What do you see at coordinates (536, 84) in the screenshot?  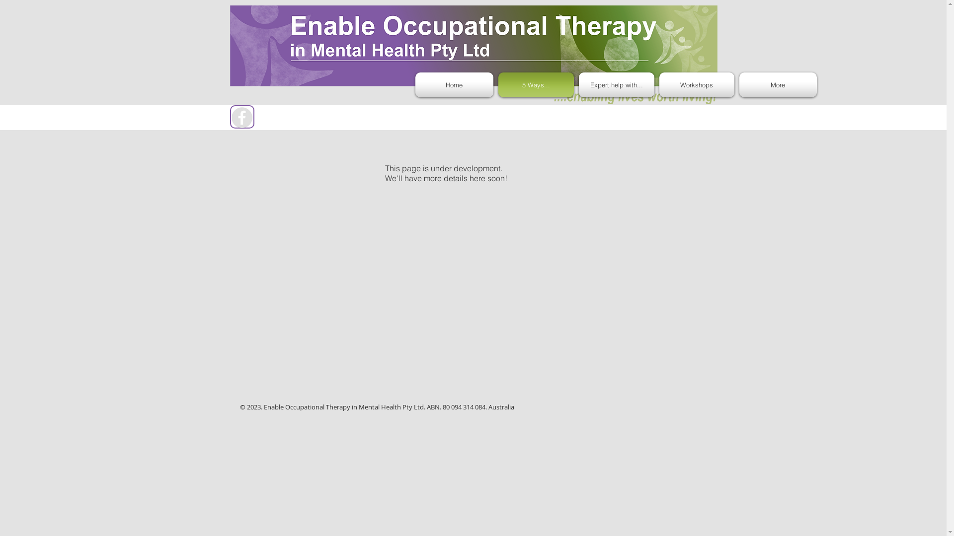 I see `'5 Ways...'` at bounding box center [536, 84].